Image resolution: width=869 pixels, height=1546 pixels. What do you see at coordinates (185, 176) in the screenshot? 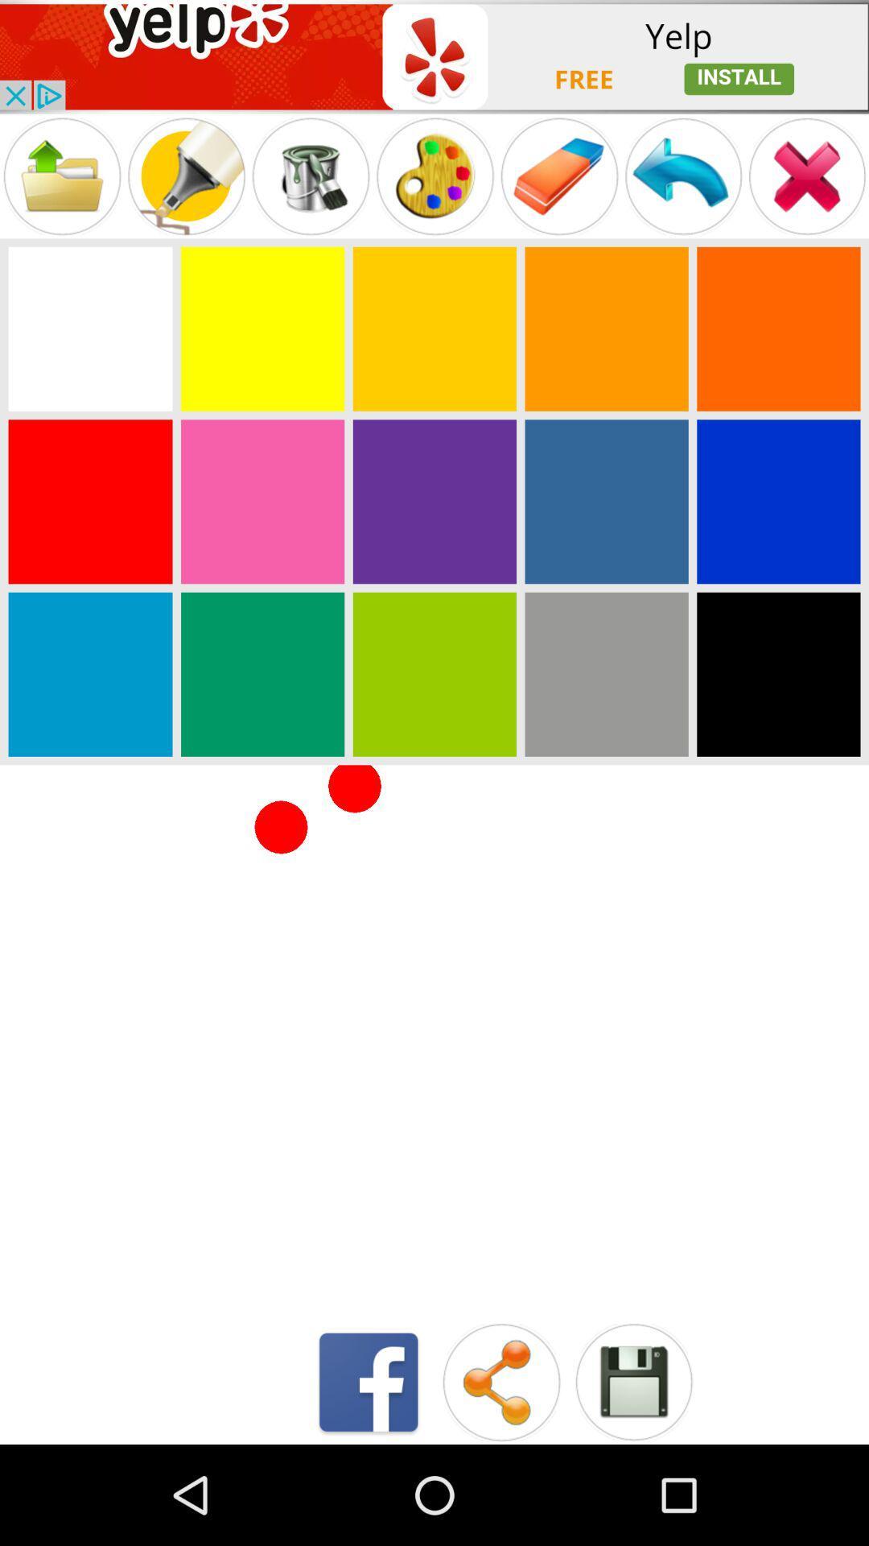
I see `brush` at bounding box center [185, 176].